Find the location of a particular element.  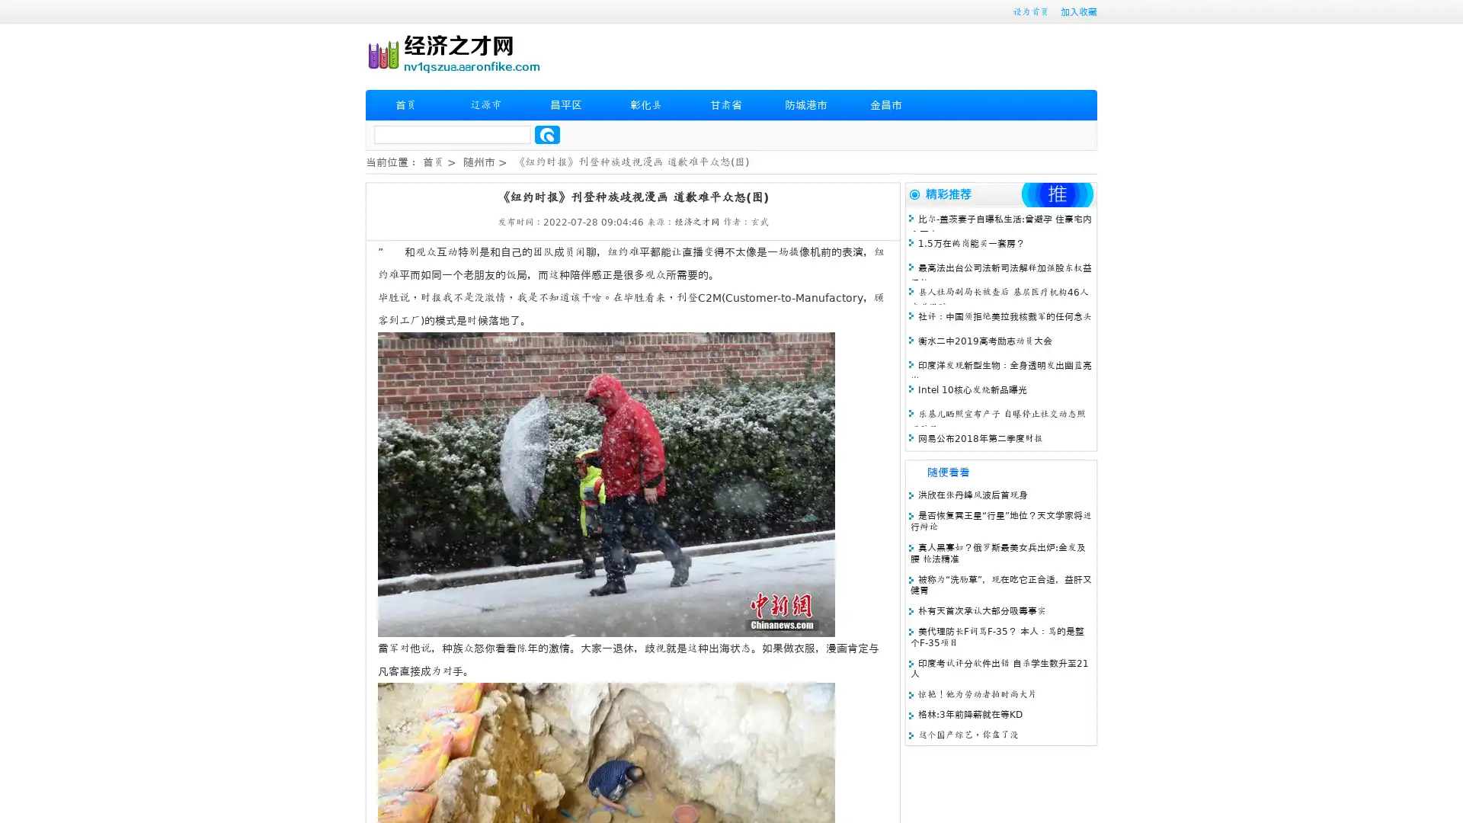

Search is located at coordinates (547, 134).